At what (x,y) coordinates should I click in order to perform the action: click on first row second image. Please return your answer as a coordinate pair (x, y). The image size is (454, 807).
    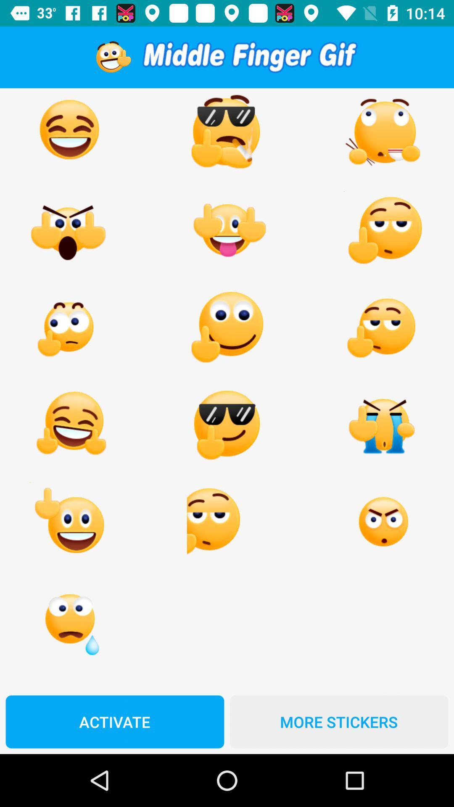
    Looking at the image, I should click on (226, 133).